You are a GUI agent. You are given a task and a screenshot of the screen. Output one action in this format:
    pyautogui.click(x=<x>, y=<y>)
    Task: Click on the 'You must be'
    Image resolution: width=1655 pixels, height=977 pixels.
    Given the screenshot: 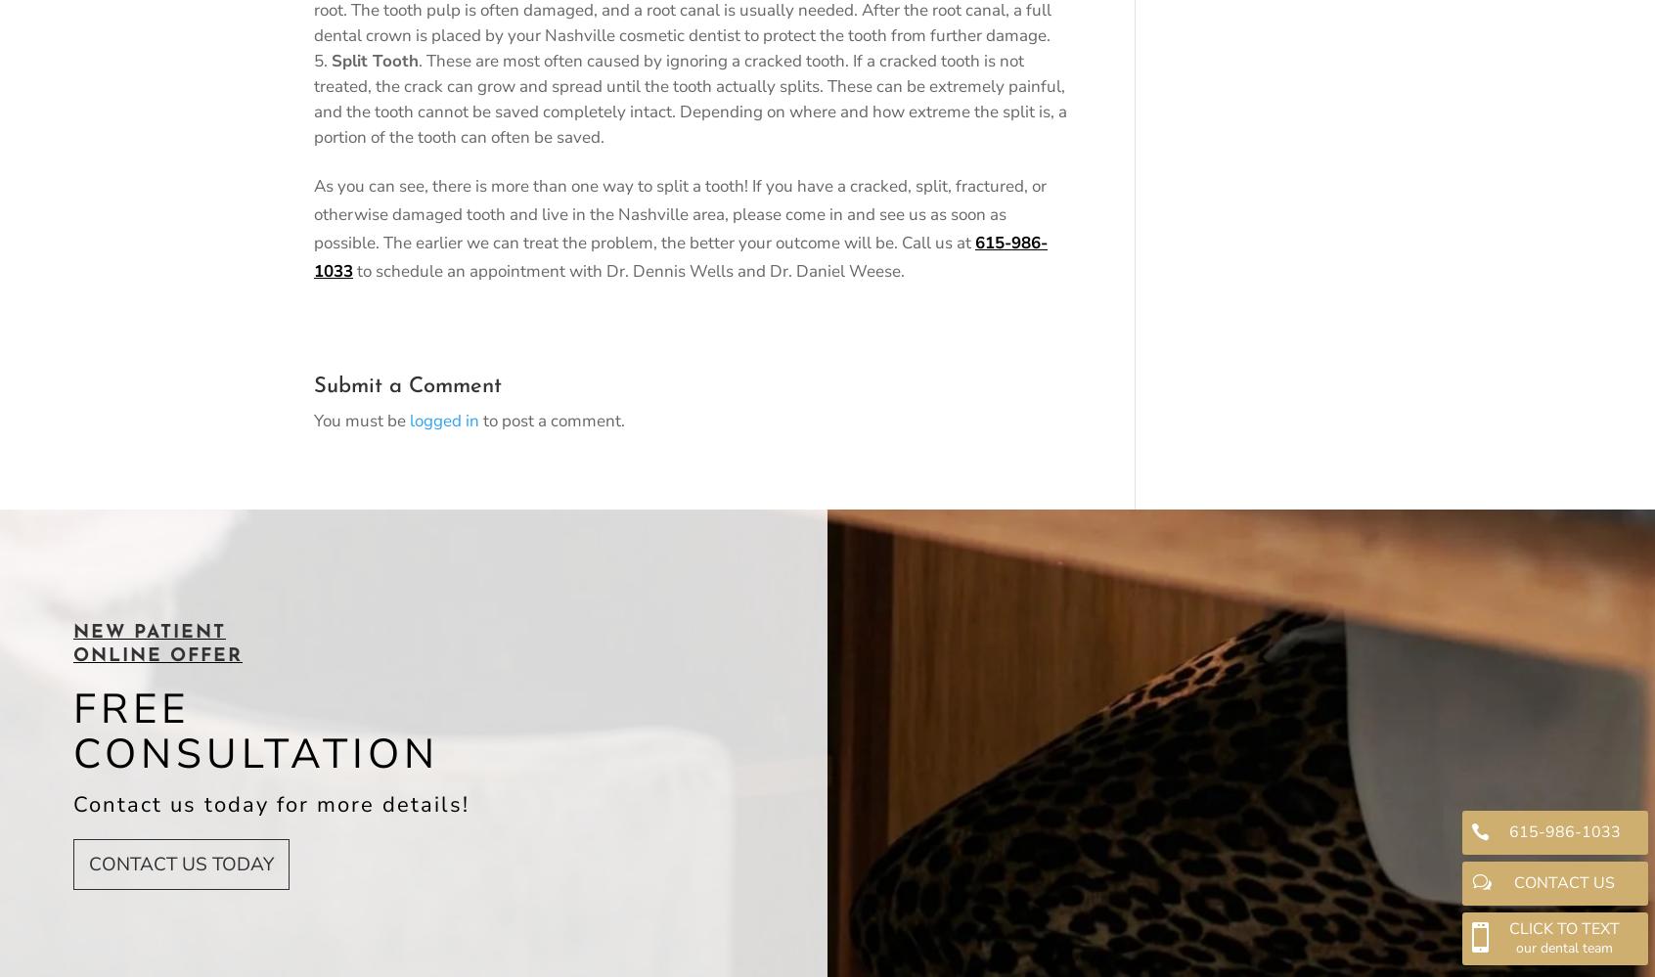 What is the action you would take?
    pyautogui.click(x=362, y=419)
    